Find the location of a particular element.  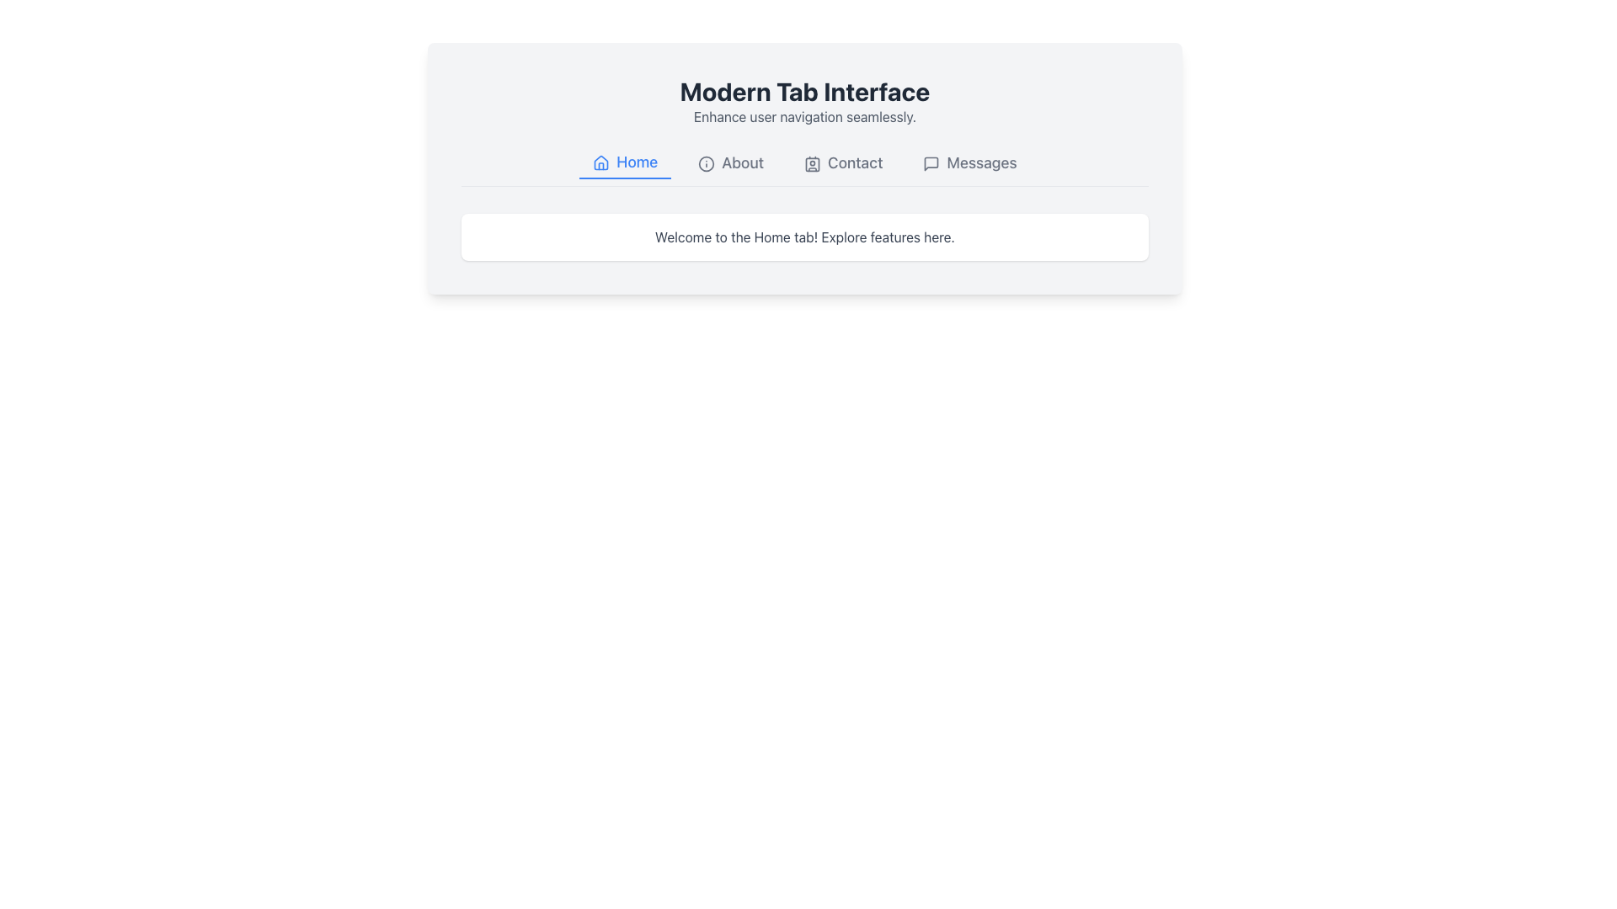

the 'About' navigation link, which is styled in gray and has an information icon is located at coordinates (731, 162).